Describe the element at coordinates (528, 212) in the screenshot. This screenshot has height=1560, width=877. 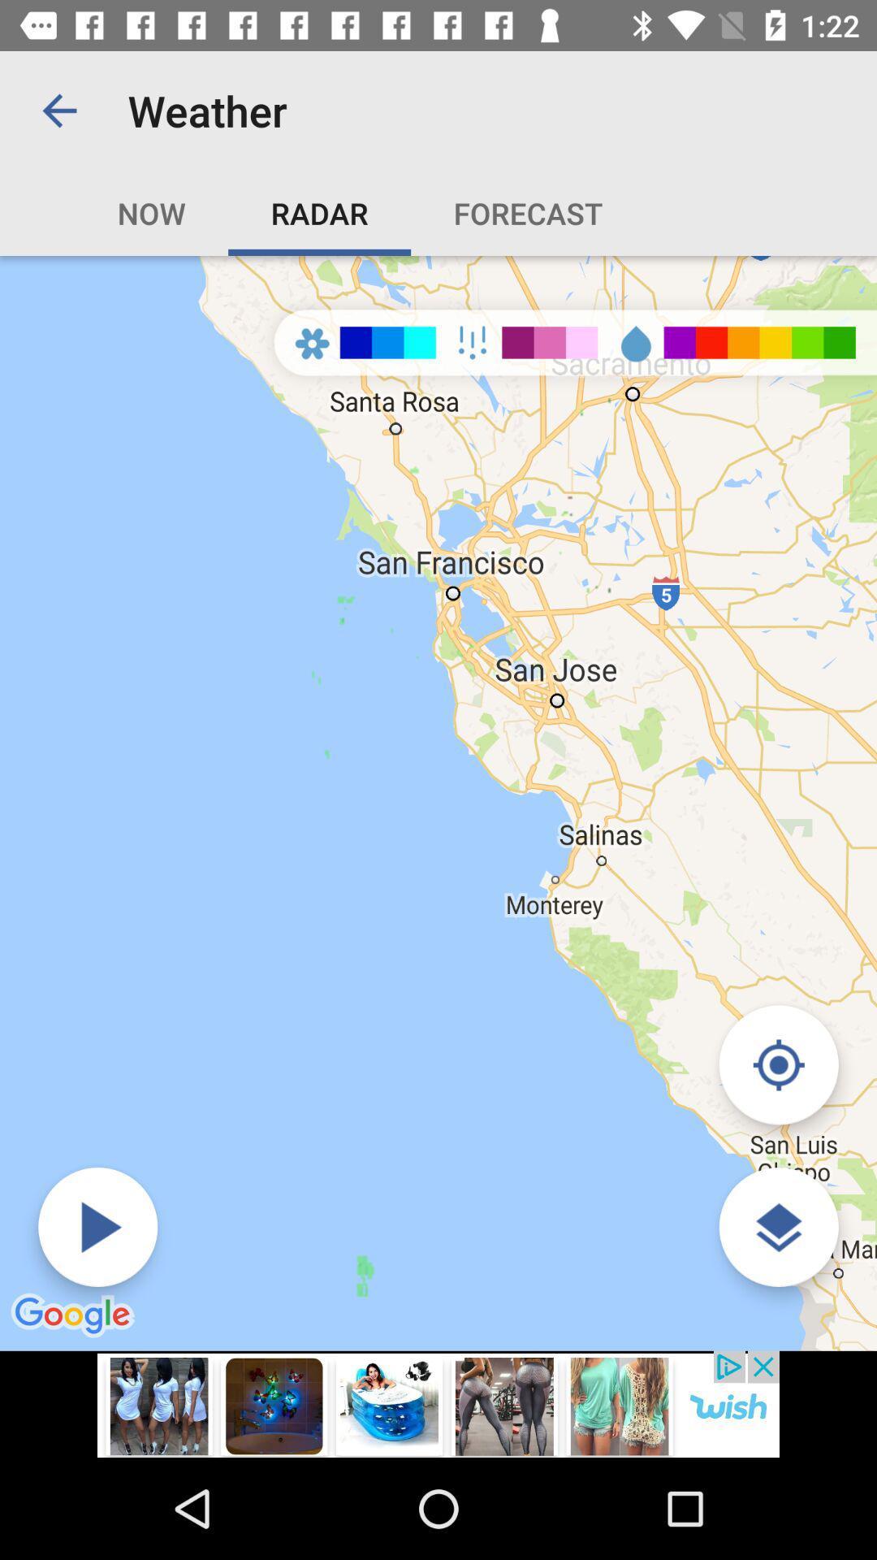
I see `forecast option` at that location.